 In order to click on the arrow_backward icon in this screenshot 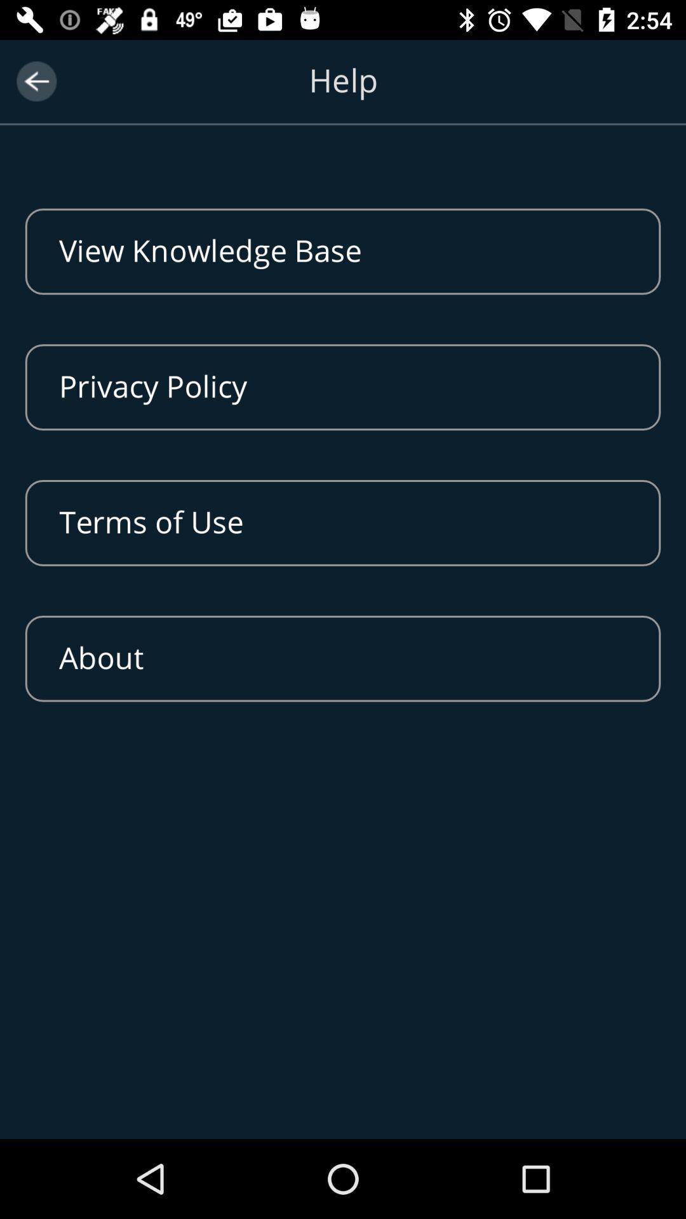, I will do `click(36, 81)`.